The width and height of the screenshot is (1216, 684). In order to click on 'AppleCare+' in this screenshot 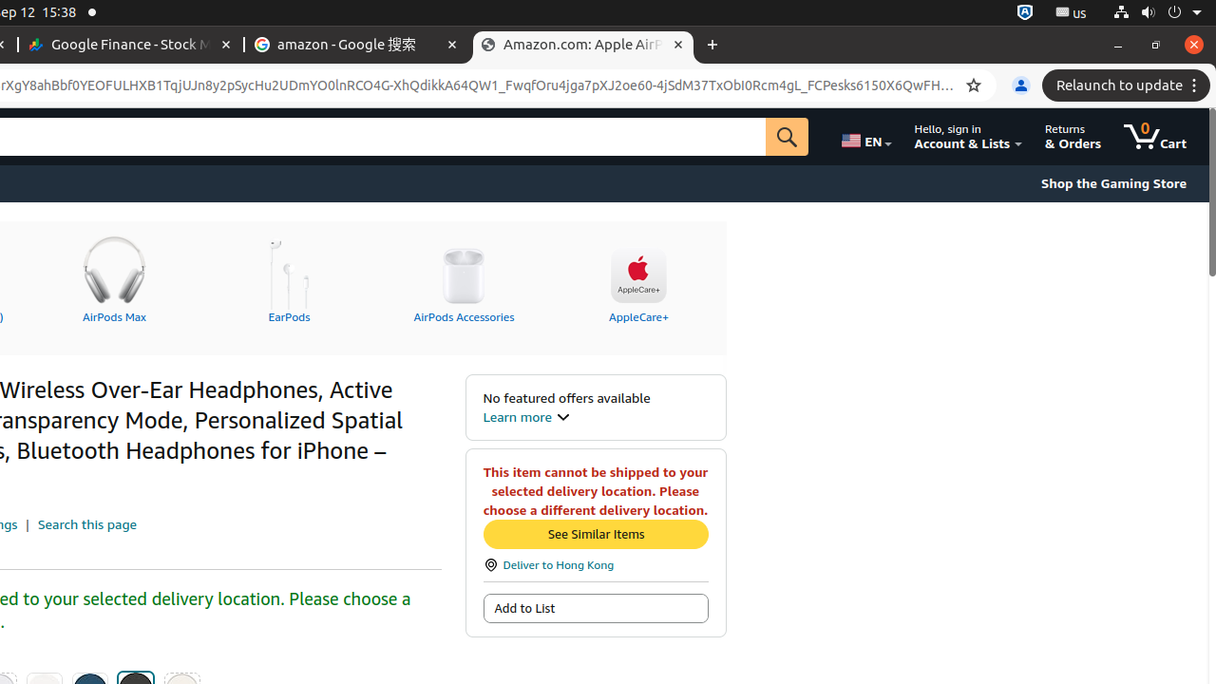, I will do `click(638, 276)`.